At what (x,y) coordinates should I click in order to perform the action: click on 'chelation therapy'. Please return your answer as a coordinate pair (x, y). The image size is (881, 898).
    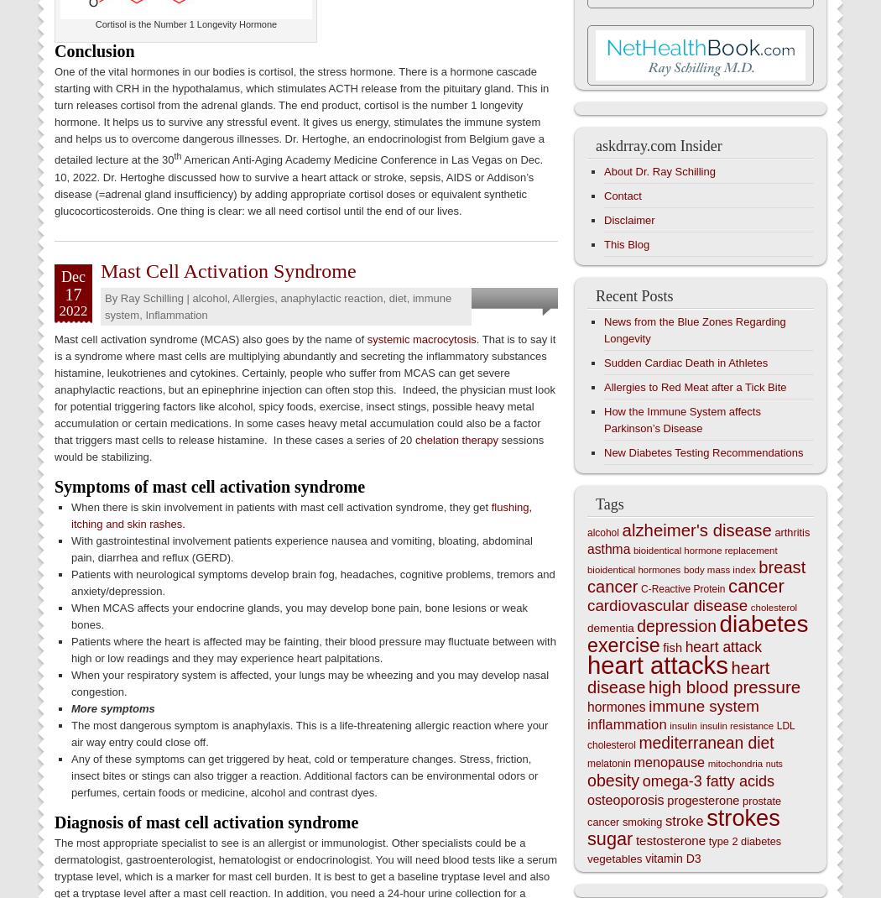
    Looking at the image, I should click on (456, 439).